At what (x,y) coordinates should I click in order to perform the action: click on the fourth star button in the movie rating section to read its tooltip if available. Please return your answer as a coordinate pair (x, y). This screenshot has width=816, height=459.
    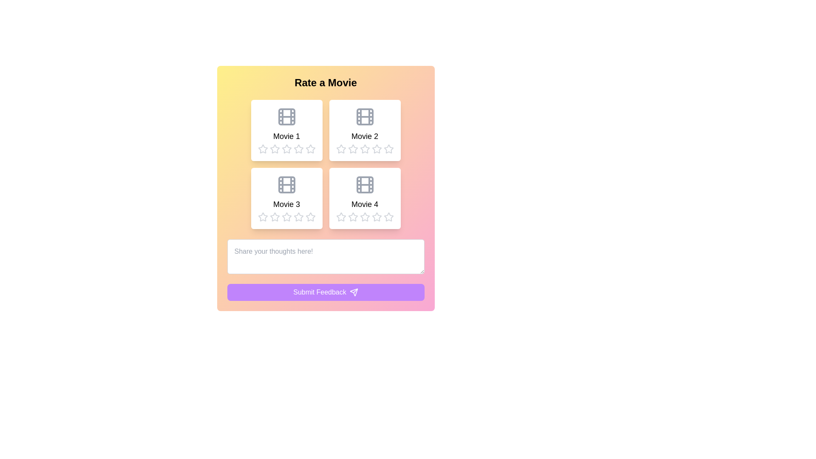
    Looking at the image, I should click on (376, 216).